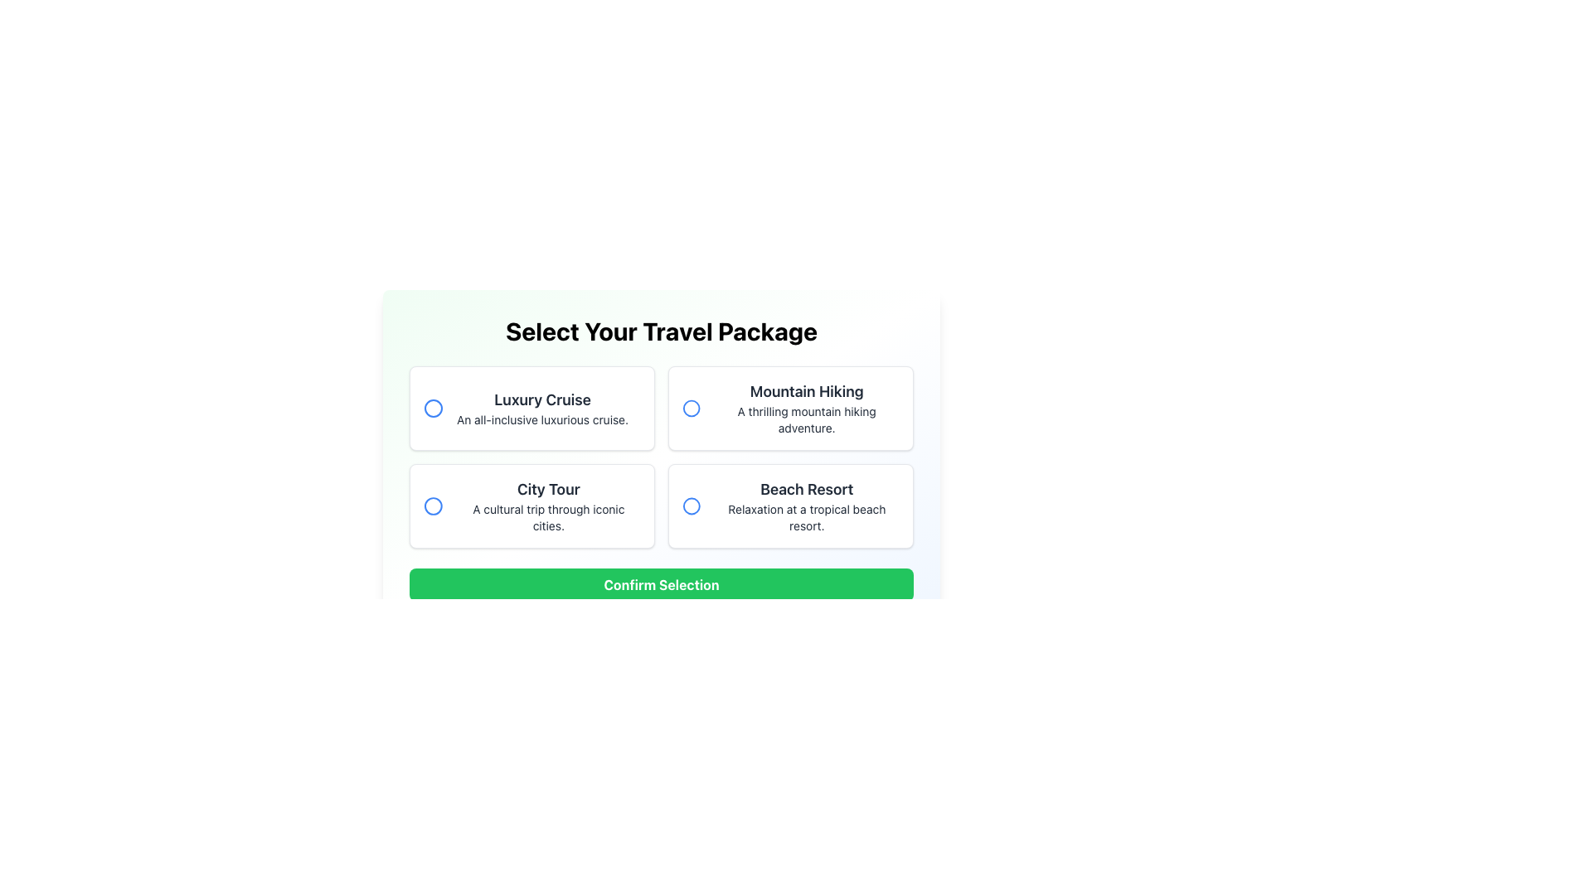 The height and width of the screenshot is (895, 1592). What do you see at coordinates (660, 583) in the screenshot?
I see `the green 'Confirm Selection' button located at the bottom of the travel package selection menu to confirm the chosen option` at bounding box center [660, 583].